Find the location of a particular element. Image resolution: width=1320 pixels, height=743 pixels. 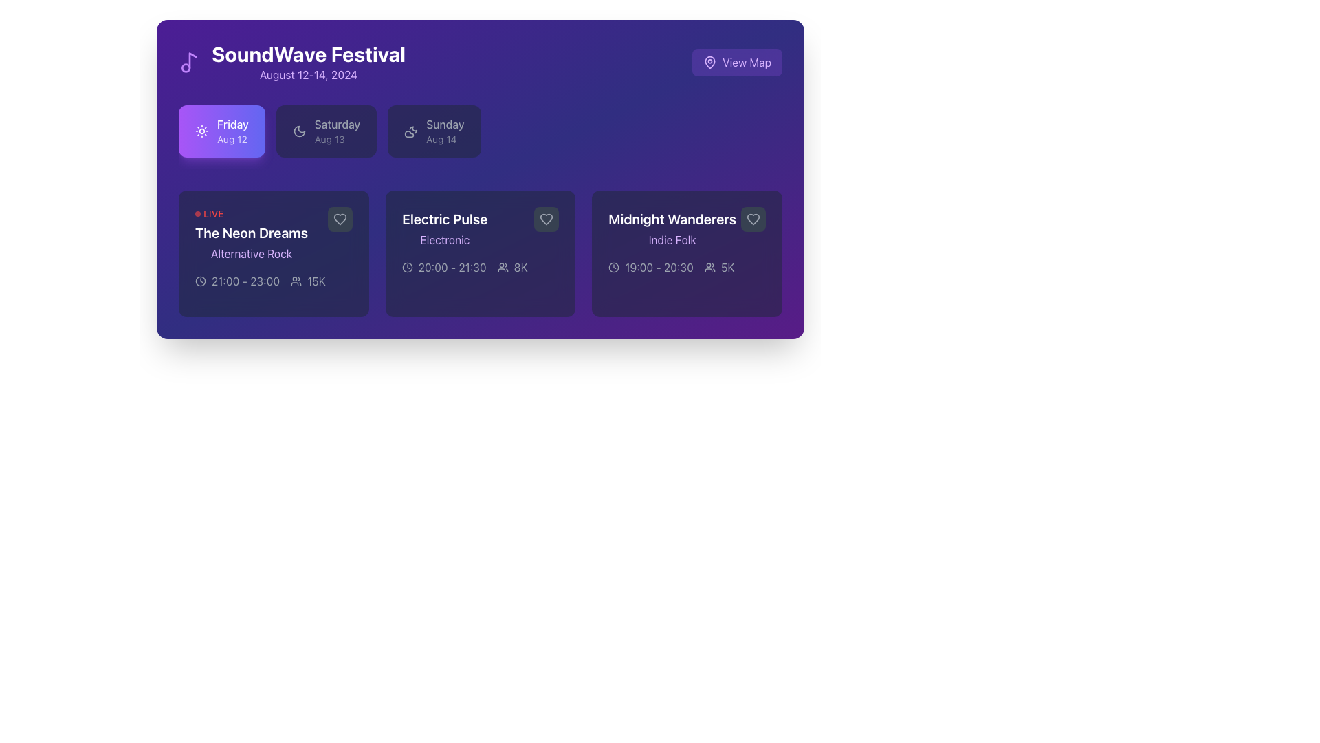

the read-only information display showing '5K' attendees for the 'Midnight Wanderers' event, located adjacent to the event's time text '19:00 - 20:30' is located at coordinates (718, 268).